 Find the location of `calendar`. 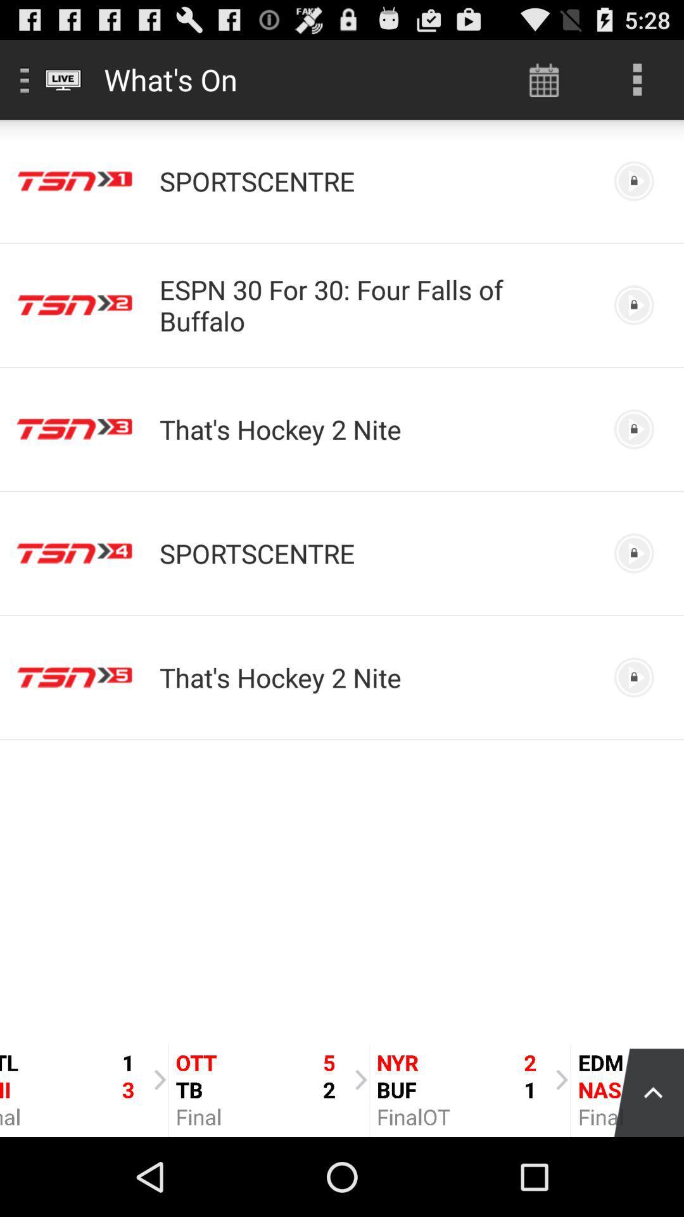

calendar is located at coordinates (543, 79).